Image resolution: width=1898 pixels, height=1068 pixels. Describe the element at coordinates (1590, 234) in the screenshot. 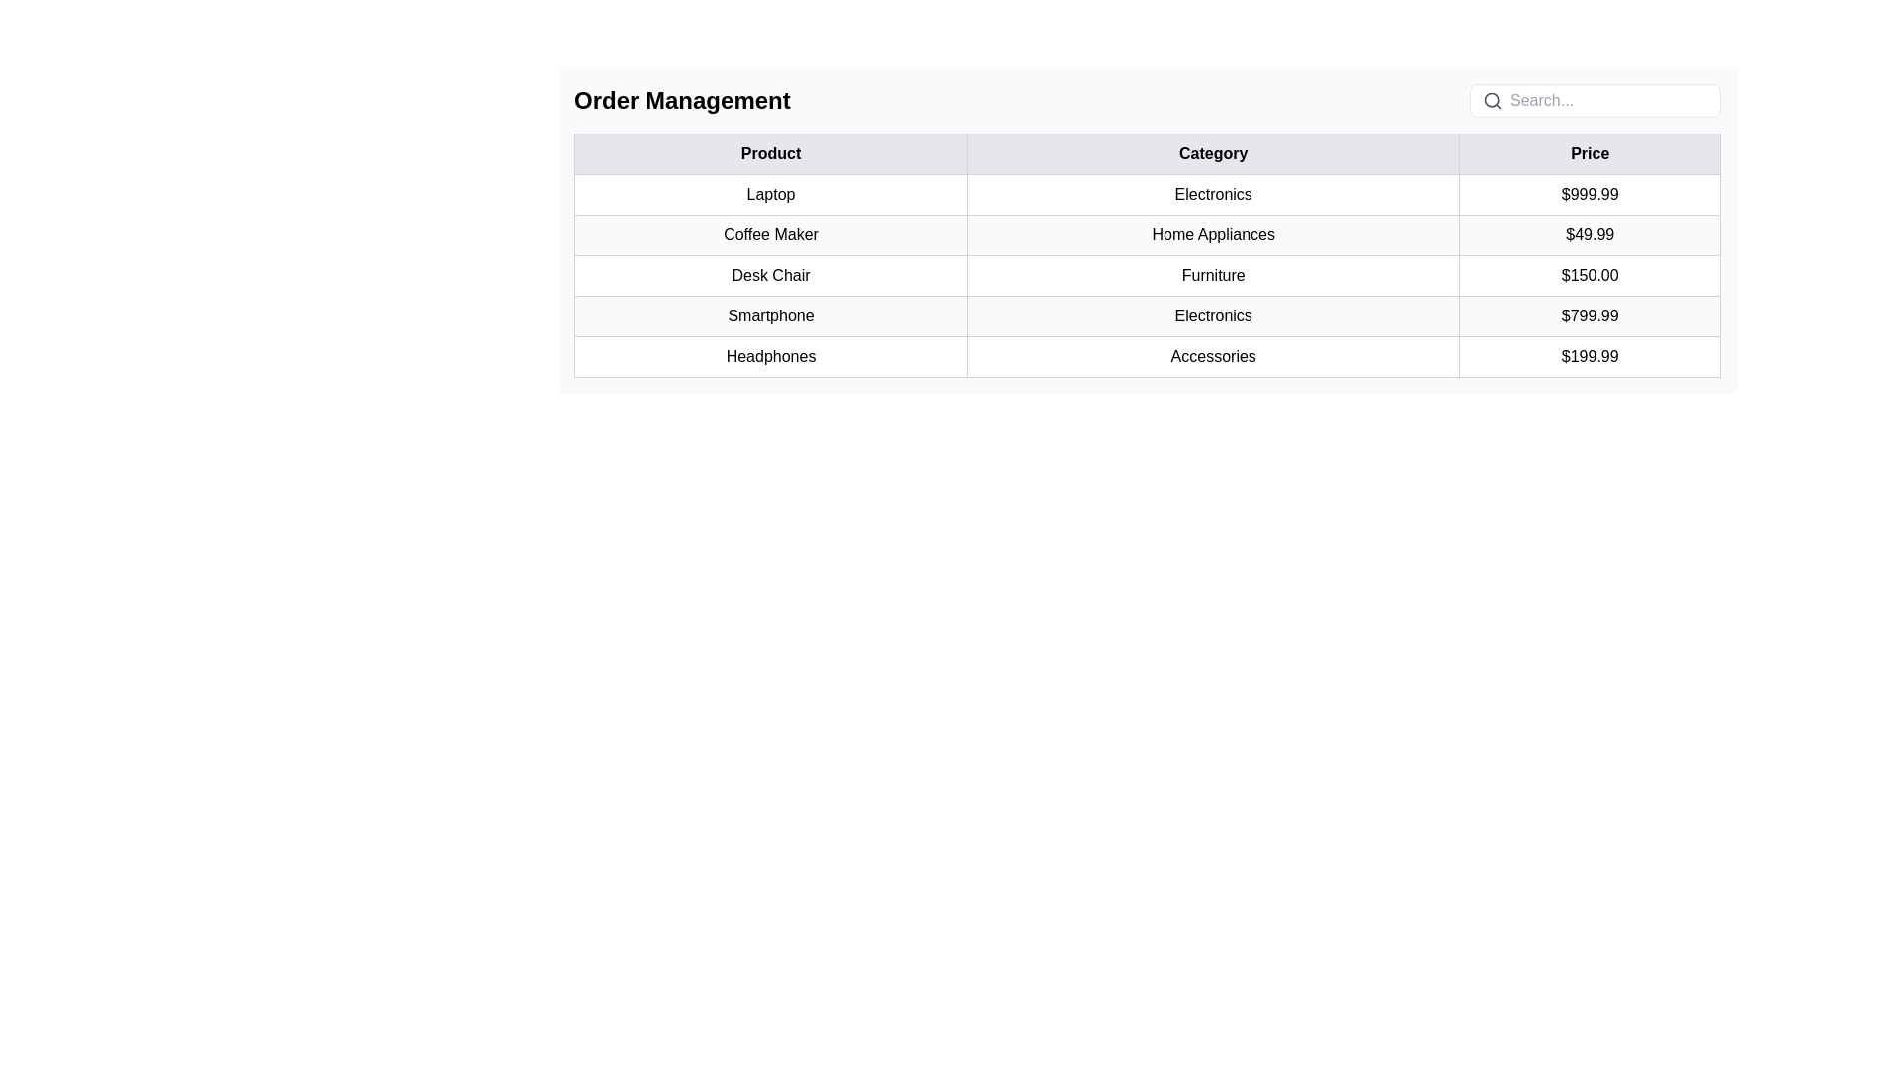

I see `the static text element displaying the price '$49.99' for the 'Coffee Maker' product in the 'Home Appliances' category` at that location.